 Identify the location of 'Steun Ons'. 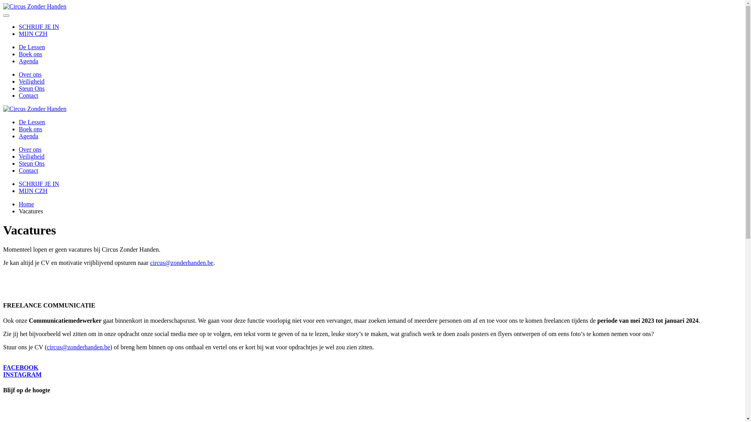
(19, 88).